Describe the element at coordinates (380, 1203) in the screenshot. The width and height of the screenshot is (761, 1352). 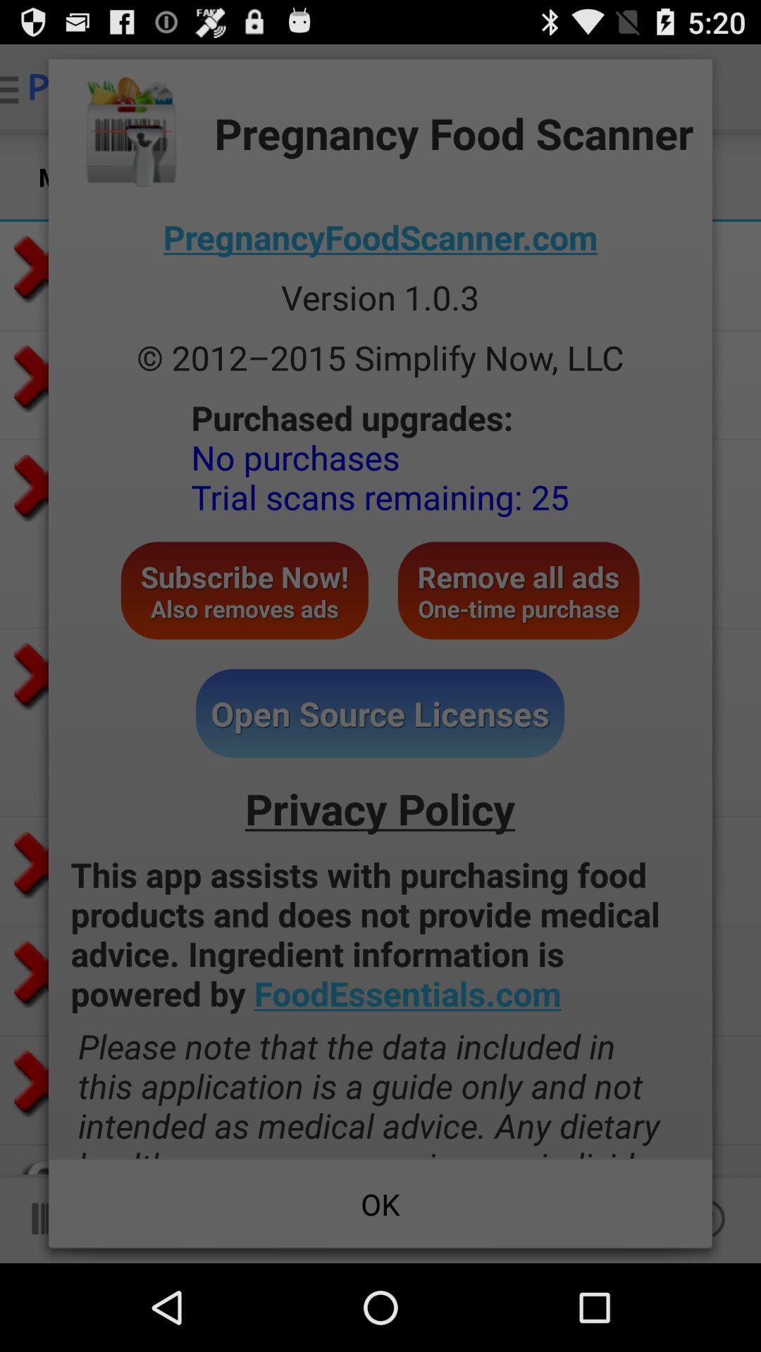
I see `the app below please note that item` at that location.